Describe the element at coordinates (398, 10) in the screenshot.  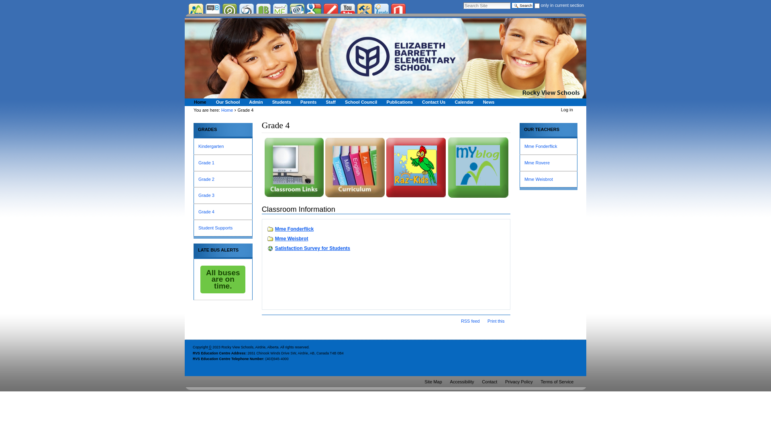
I see `'Office 365'` at that location.